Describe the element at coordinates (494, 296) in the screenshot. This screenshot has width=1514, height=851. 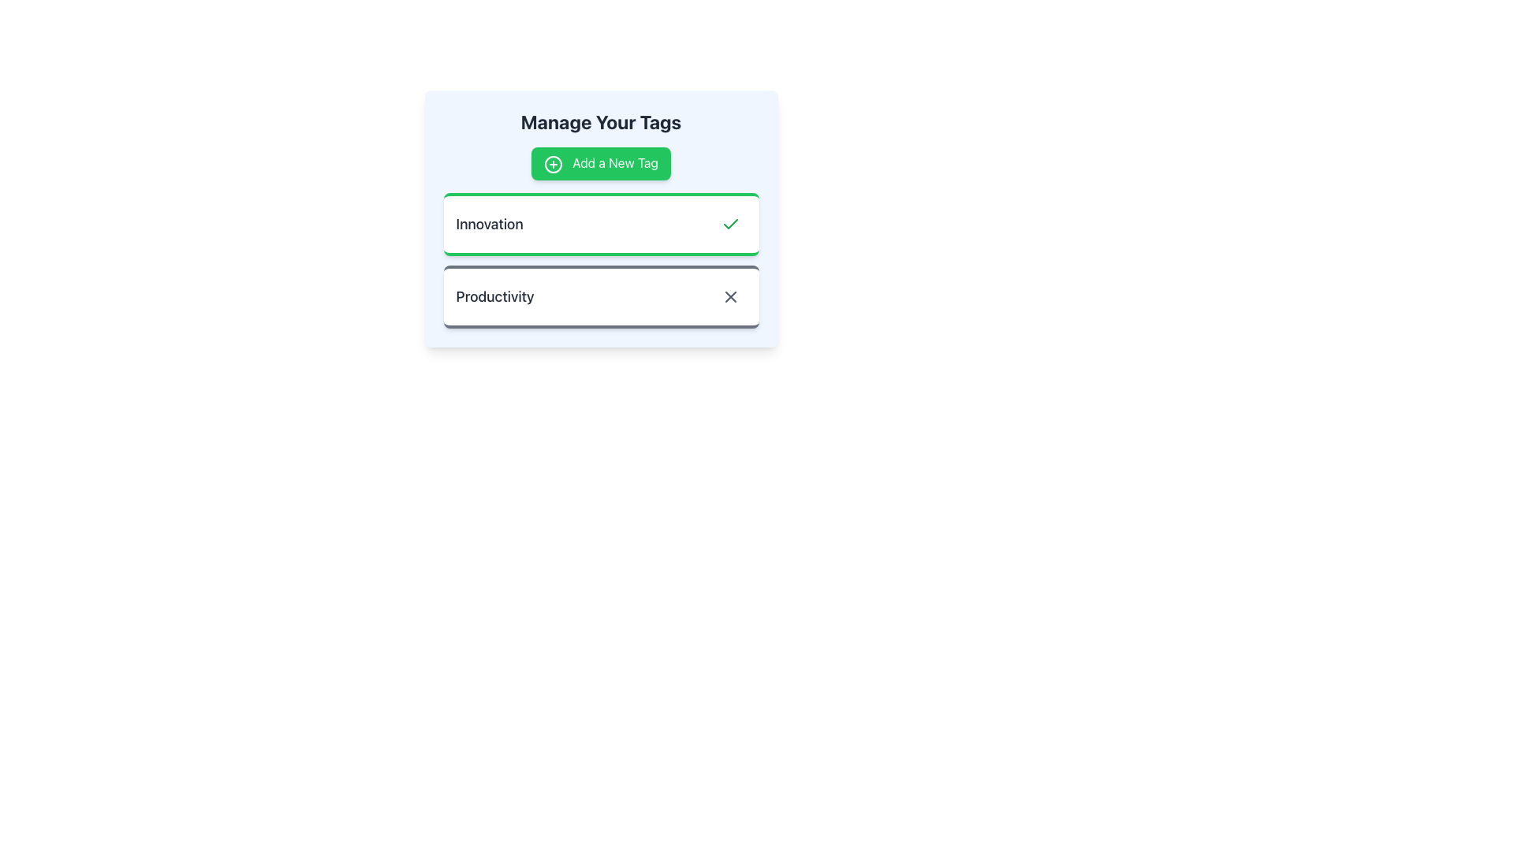
I see `the text label that identifies the content or category, located to the left of the cross icon within the rectangular box` at that location.